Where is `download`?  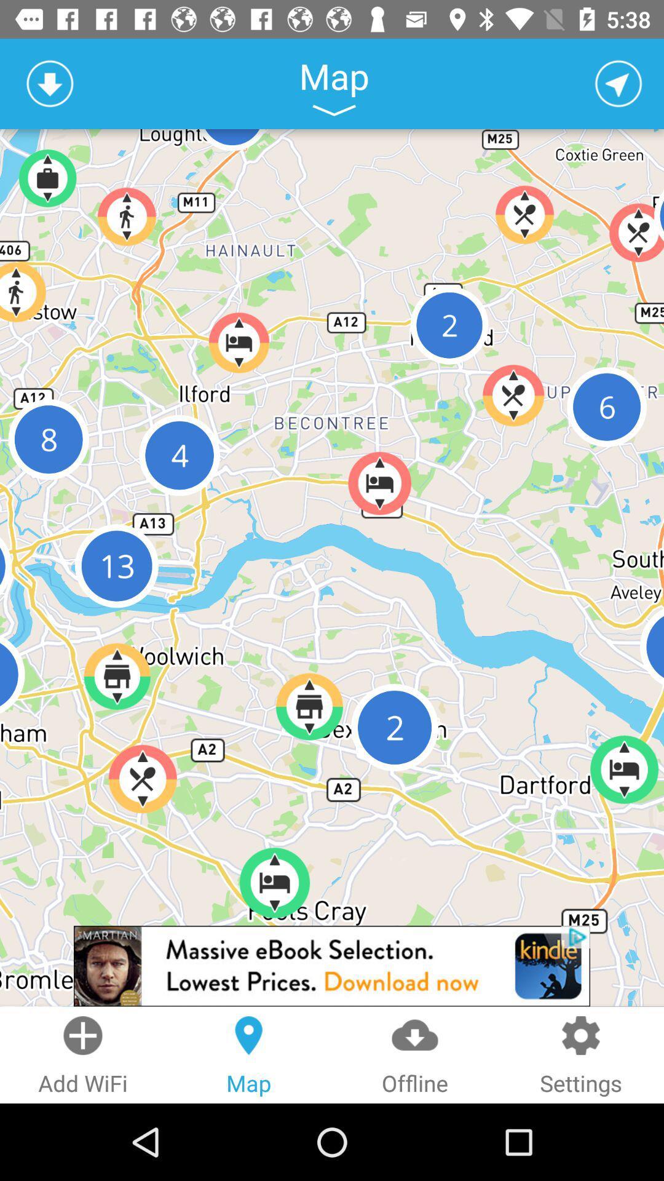
download is located at coordinates (49, 83).